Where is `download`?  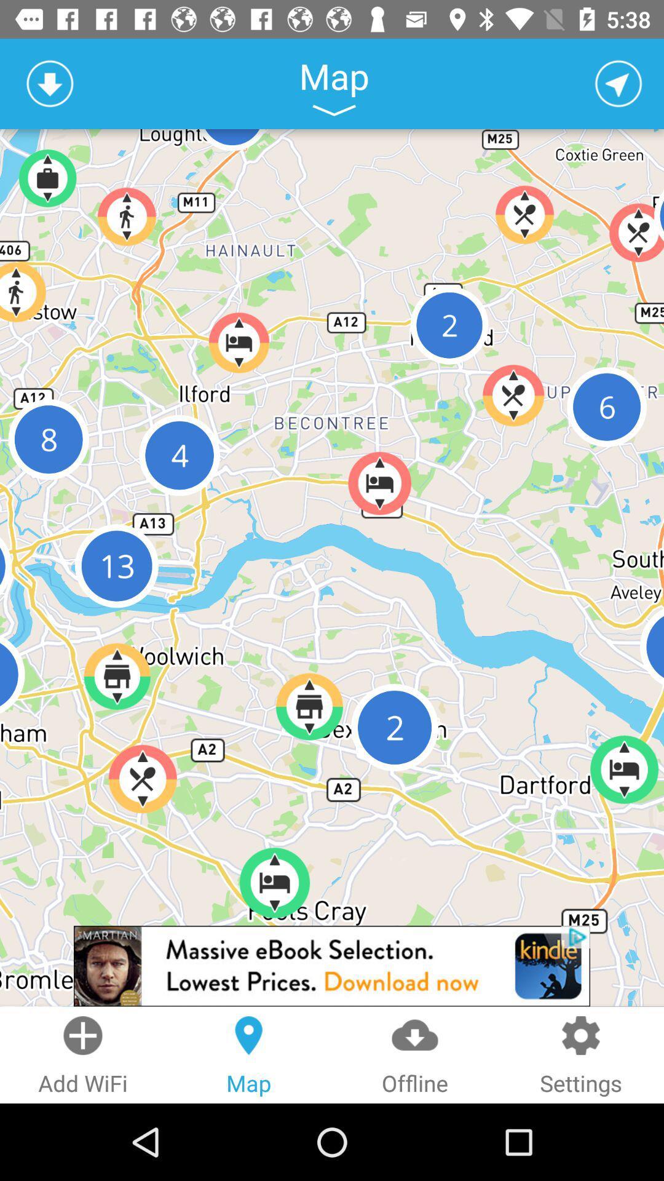
download is located at coordinates (49, 83).